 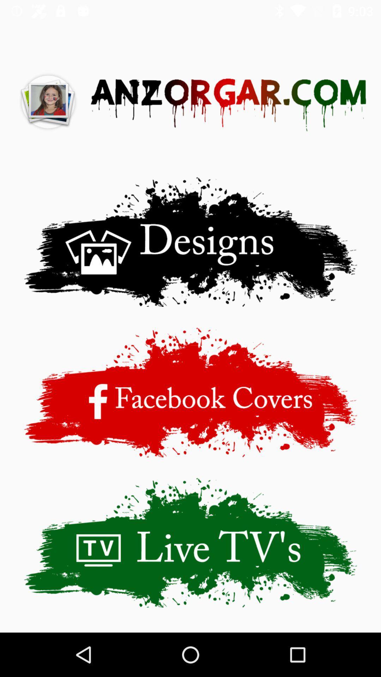 I want to click on live tv 's, so click(x=190, y=542).